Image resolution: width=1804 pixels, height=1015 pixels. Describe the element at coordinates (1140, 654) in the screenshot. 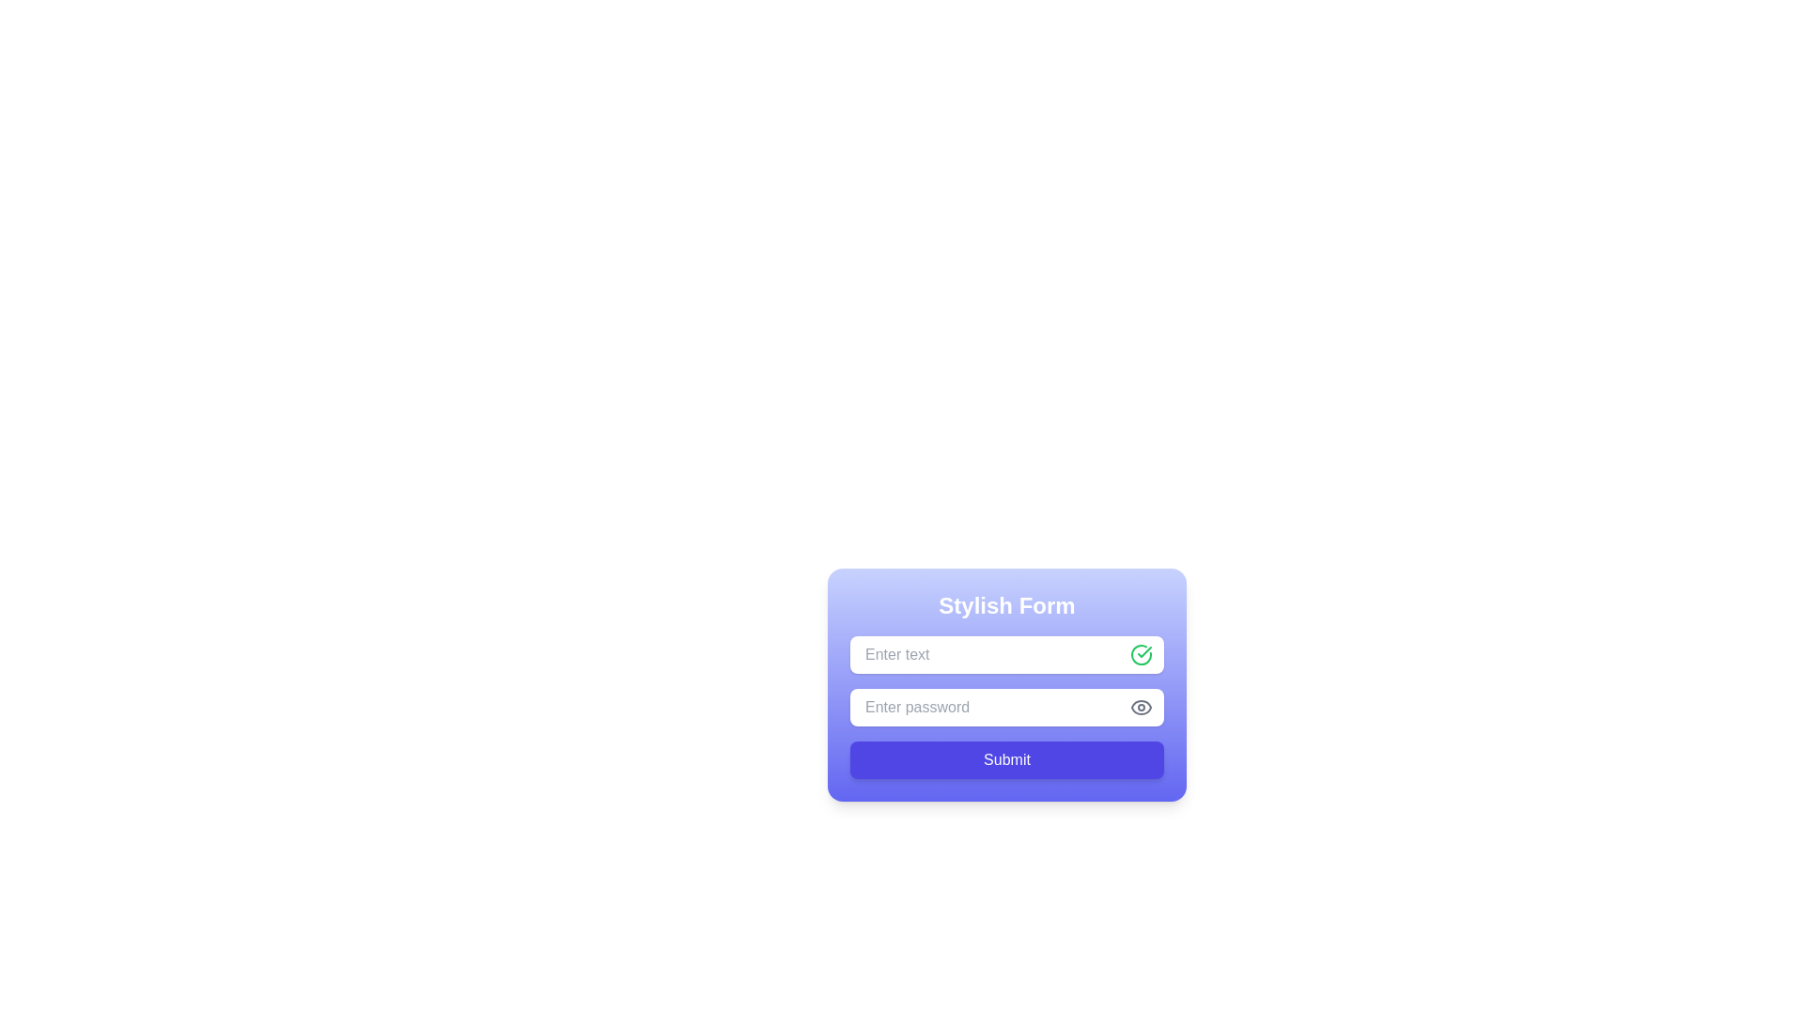

I see `the visual state of the green checkmark icon, which indicates a successful state, located at the right end of the input field for text entry` at that location.